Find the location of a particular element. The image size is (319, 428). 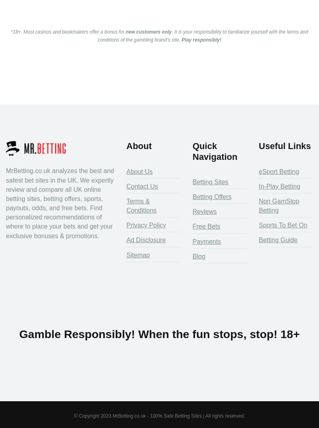

'MrBetting.co.uk analyzes the best and safest bet sites in the UK. We expertly review and compare all UK online betting sites, betting offers, sports, payouts, odds, and free bets. Find personalized recommendations of where to place your bets and get your exclusive bonuses & promotions.' is located at coordinates (60, 203).